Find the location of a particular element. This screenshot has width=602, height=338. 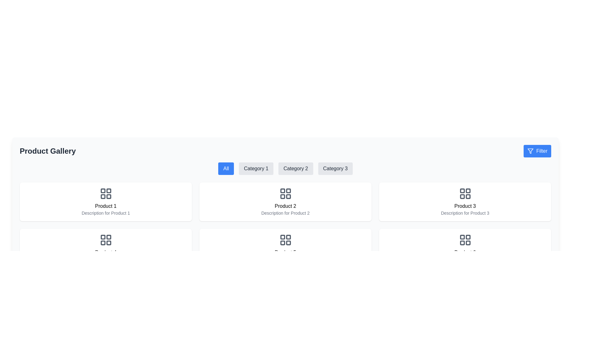

the second graphical block in the top row of the 2x2 grid located at the top left of the first product card in the gallery, if it is interactive is located at coordinates (108, 190).